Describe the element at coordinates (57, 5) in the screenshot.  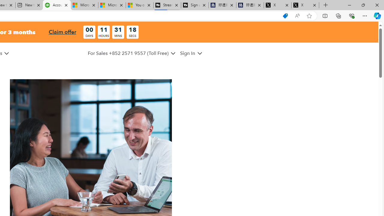
I see `'Accounting Software | QuickBooks Hong Kong'` at that location.